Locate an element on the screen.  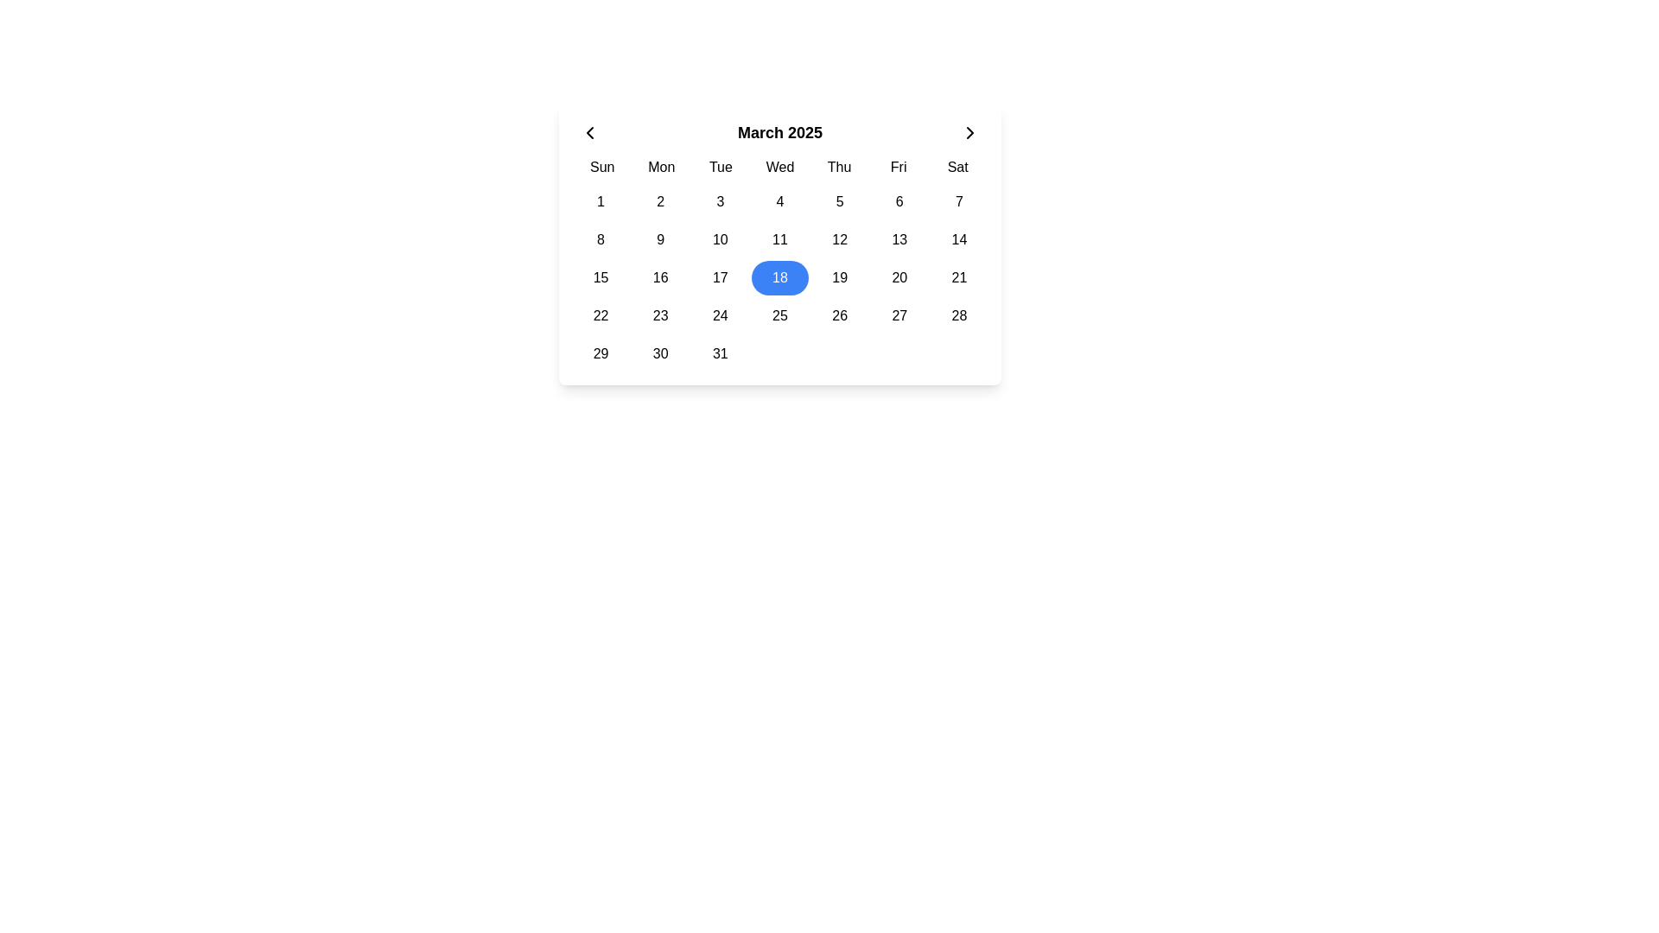
the button representing the 26th day of the month in the calendar layout is located at coordinates (840, 316).